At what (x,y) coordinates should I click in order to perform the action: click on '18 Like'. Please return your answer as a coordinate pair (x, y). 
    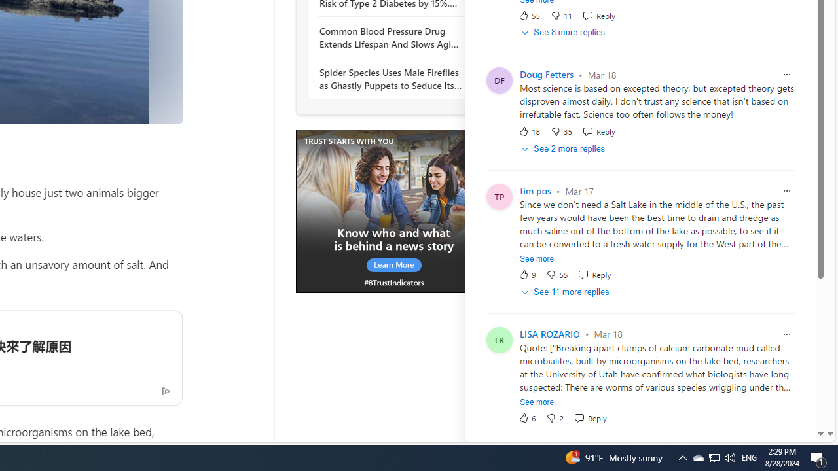
    Looking at the image, I should click on (529, 131).